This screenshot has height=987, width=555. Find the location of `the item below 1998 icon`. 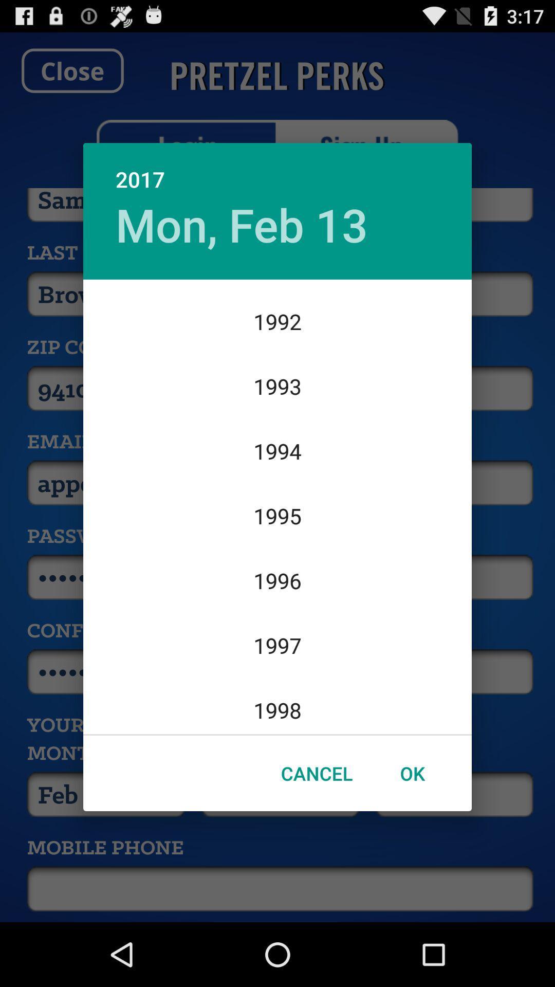

the item below 1998 icon is located at coordinates (412, 773).